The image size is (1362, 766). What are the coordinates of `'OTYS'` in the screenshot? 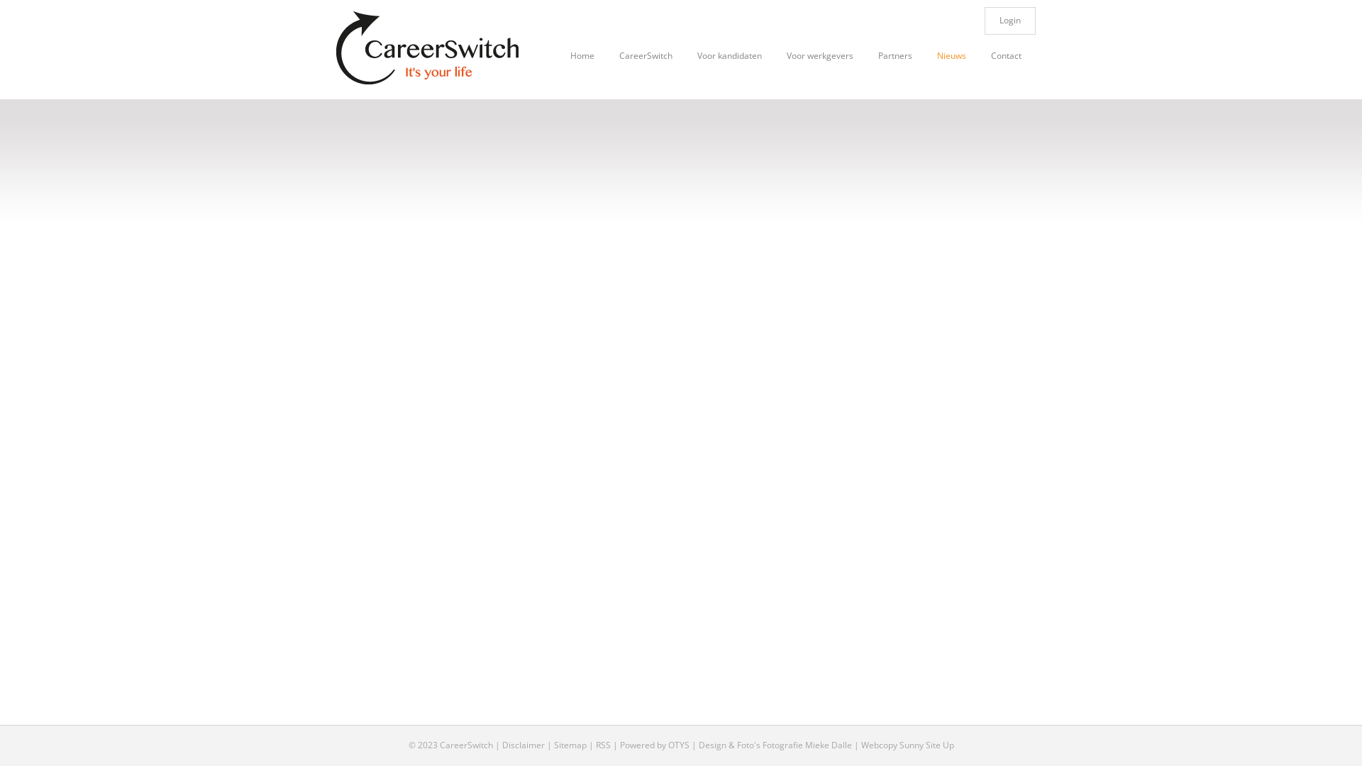 It's located at (667, 744).